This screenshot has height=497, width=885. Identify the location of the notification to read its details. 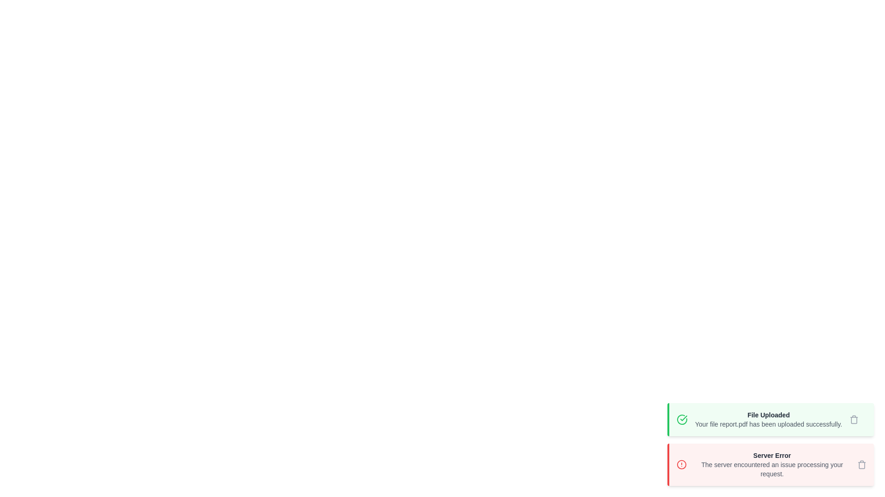
(770, 419).